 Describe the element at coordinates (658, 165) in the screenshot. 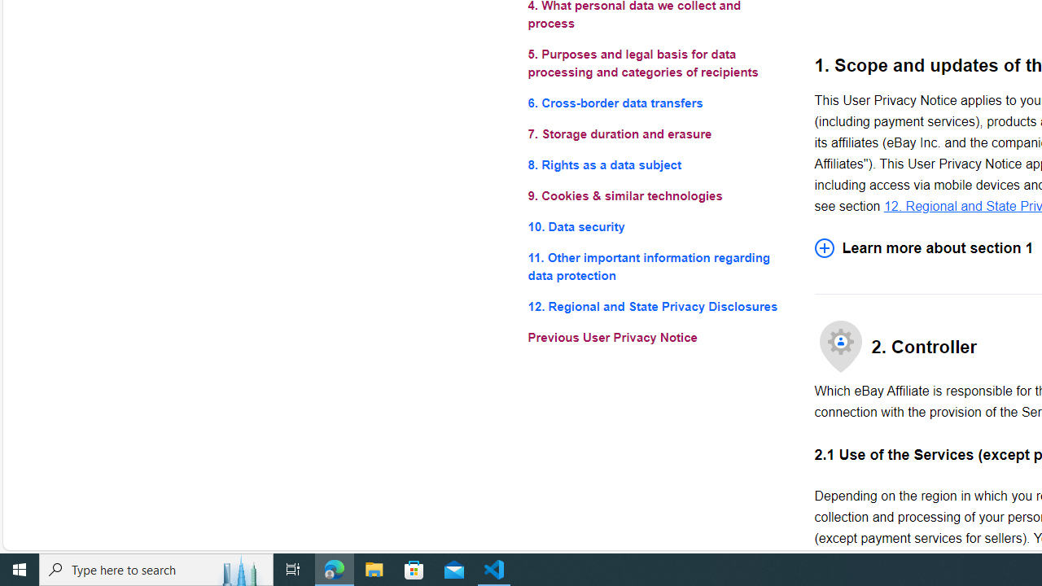

I see `'8. Rights as a data subject'` at that location.